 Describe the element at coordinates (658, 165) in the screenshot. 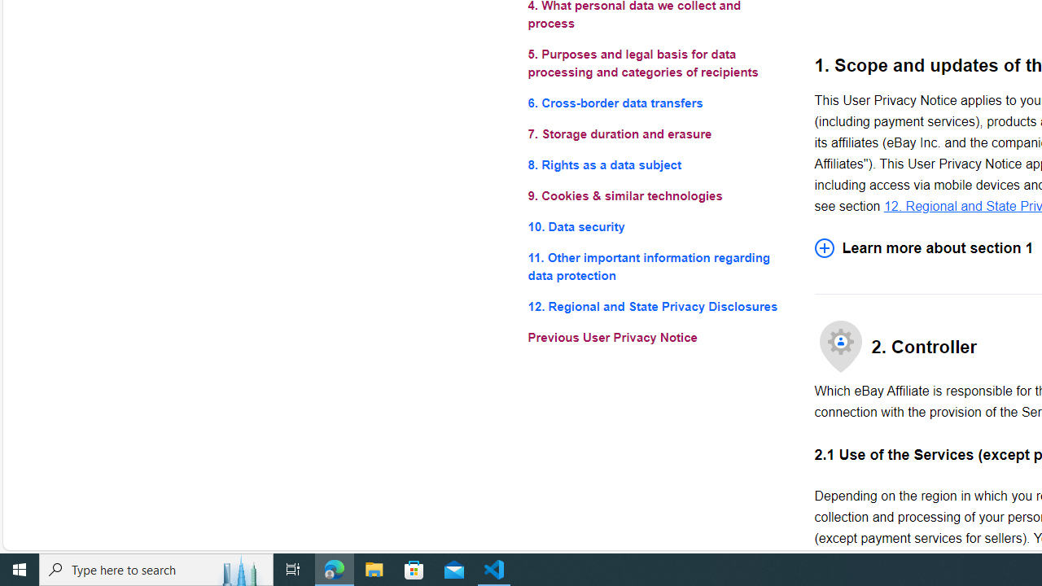

I see `'8. Rights as a data subject'` at that location.